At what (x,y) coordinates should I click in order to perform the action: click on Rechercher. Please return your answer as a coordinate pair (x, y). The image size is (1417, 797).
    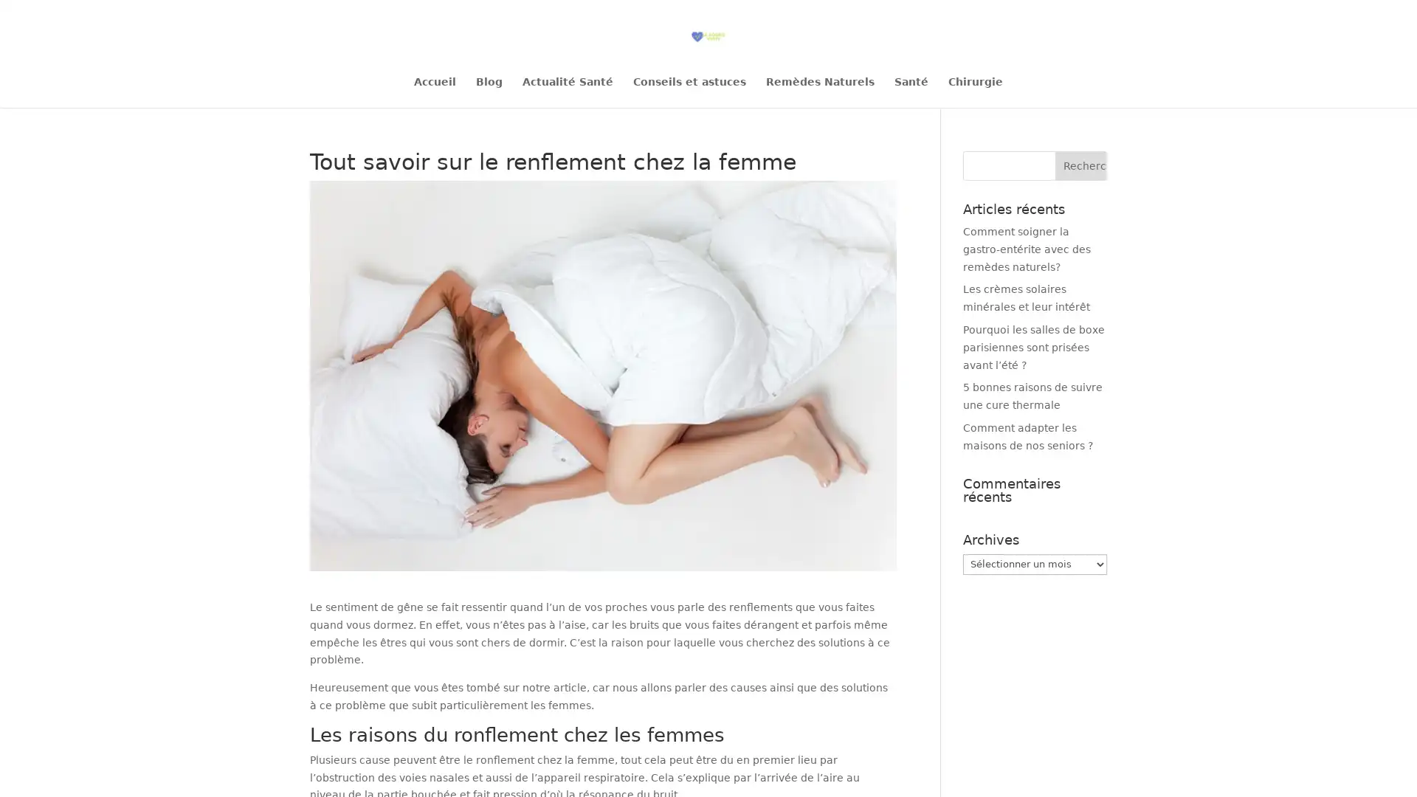
    Looking at the image, I should click on (1080, 165).